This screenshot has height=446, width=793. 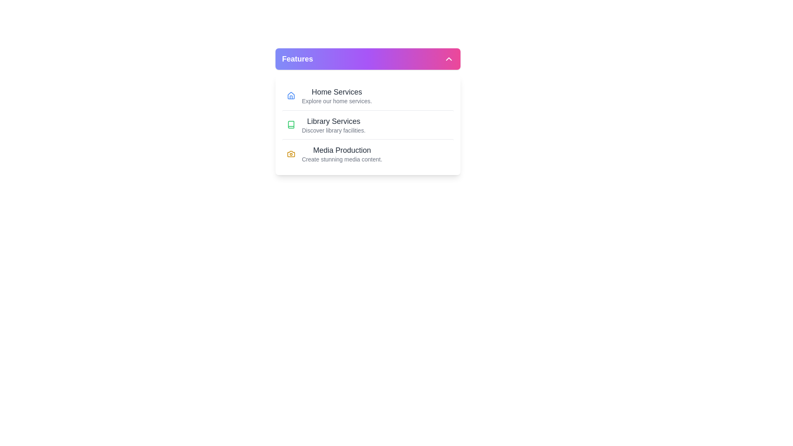 What do you see at coordinates (337, 101) in the screenshot?
I see `the Text Label that provides additional information related to the 'Home Services' header, positioned directly under it` at bounding box center [337, 101].